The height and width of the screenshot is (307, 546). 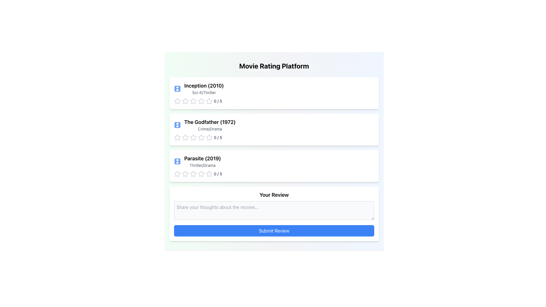 What do you see at coordinates (193, 101) in the screenshot?
I see `the first star-shaped rating icon in the row below the movie title 'Inception (2010)' and its genre 'Sci-fi/Thriller'` at bounding box center [193, 101].